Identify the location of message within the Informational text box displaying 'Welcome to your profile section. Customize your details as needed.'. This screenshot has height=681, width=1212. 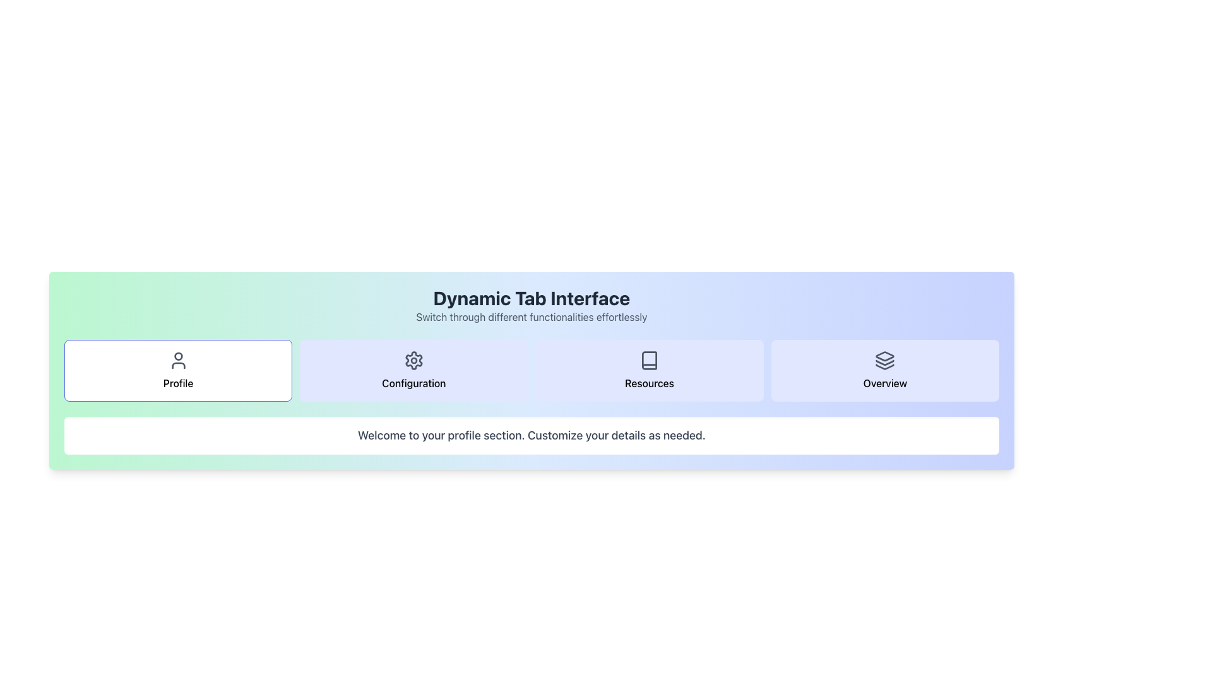
(532, 434).